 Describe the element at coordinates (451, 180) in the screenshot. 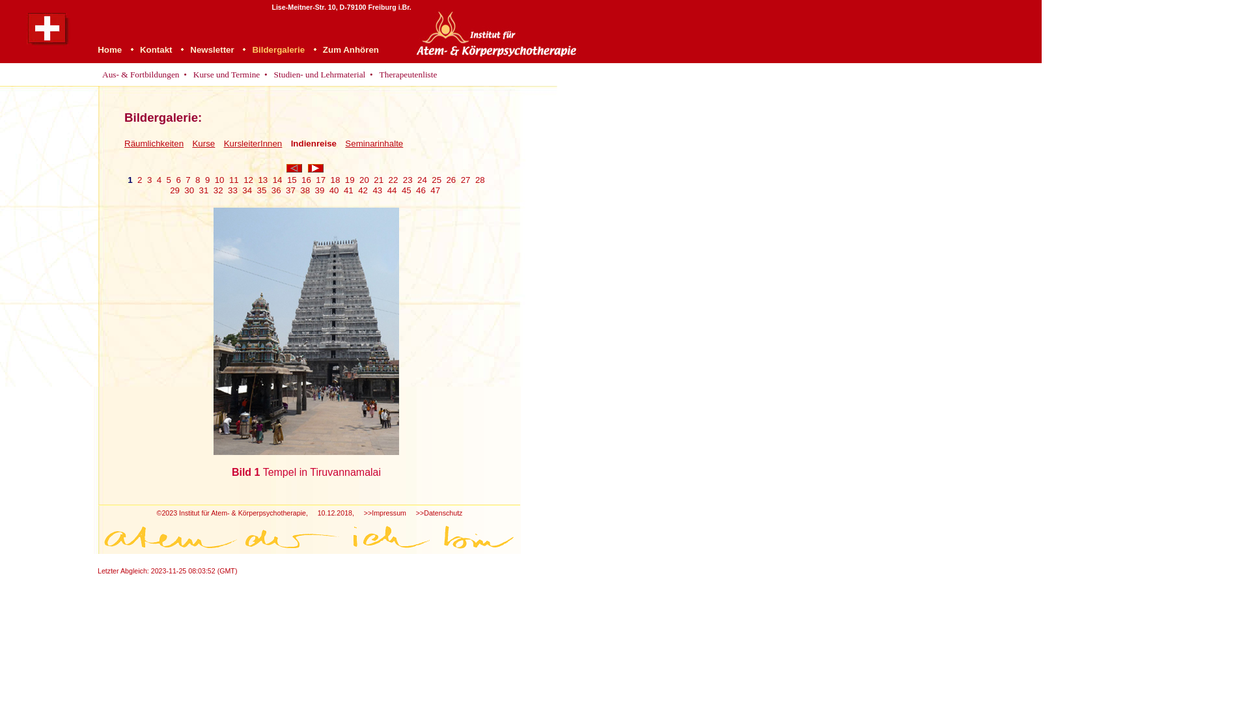

I see `'26'` at that location.